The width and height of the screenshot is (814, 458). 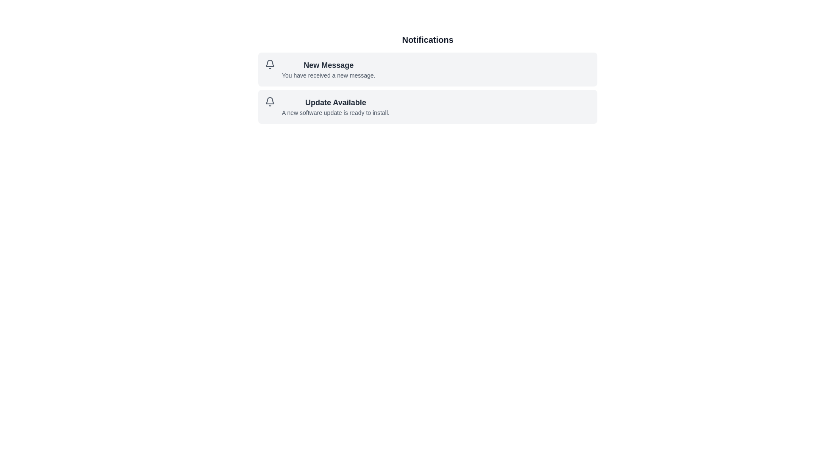 What do you see at coordinates (335, 112) in the screenshot?
I see `the Text Label located directly below the 'Update Available' headline in the notification card` at bounding box center [335, 112].